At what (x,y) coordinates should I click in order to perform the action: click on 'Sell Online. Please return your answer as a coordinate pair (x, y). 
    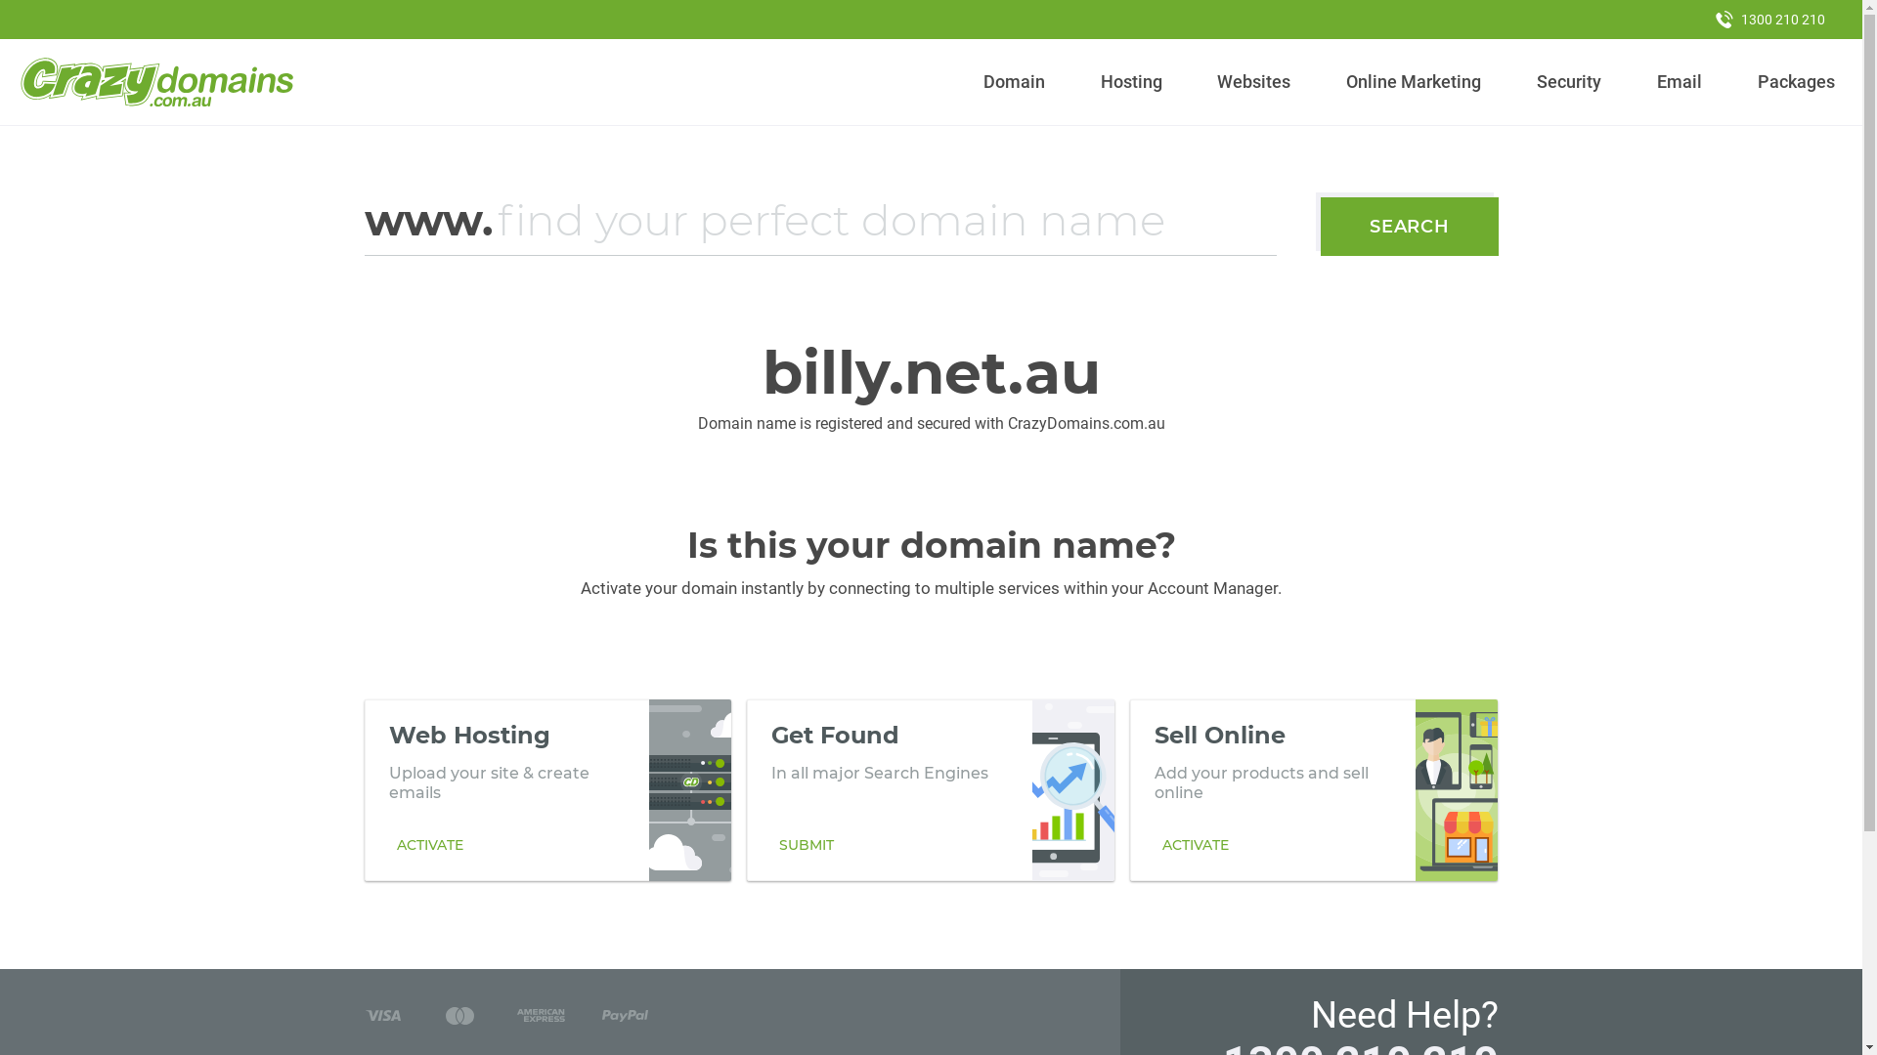
    Looking at the image, I should click on (1314, 789).